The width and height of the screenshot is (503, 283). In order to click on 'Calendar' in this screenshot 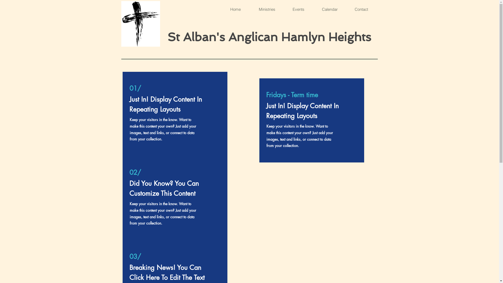, I will do `click(329, 9)`.